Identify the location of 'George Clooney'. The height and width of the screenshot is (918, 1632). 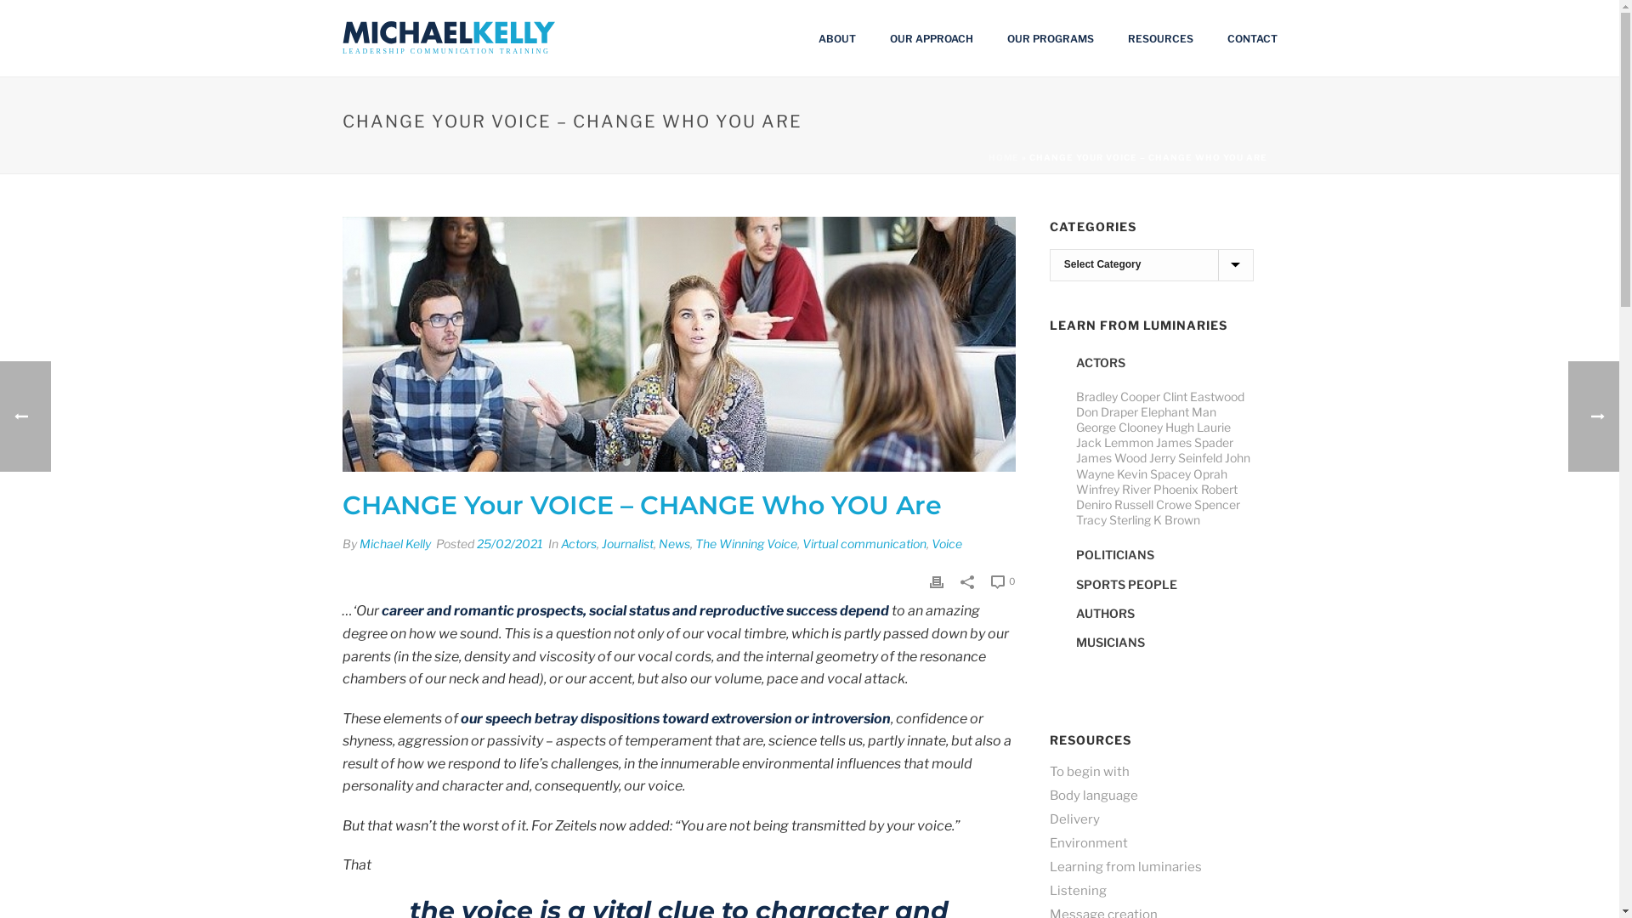
(1119, 426).